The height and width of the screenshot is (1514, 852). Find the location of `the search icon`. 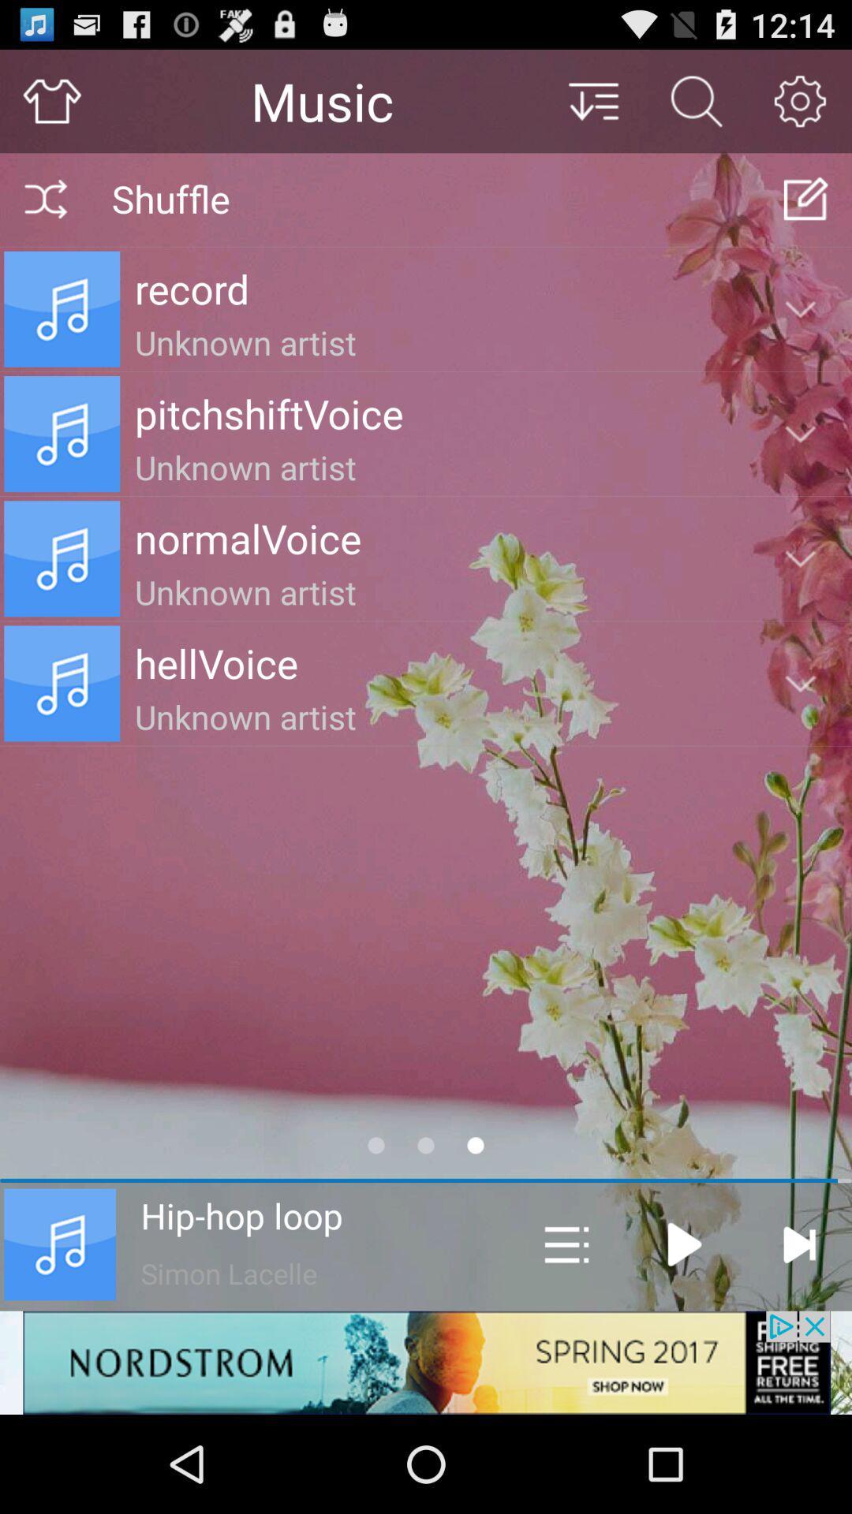

the search icon is located at coordinates (696, 107).